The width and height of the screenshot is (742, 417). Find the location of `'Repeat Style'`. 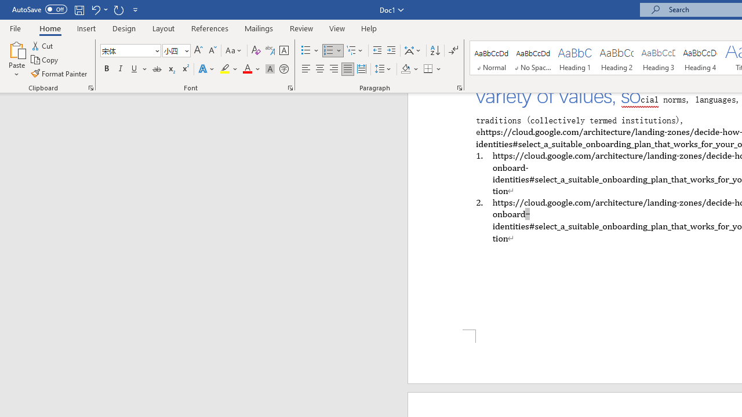

'Repeat Style' is located at coordinates (118, 9).